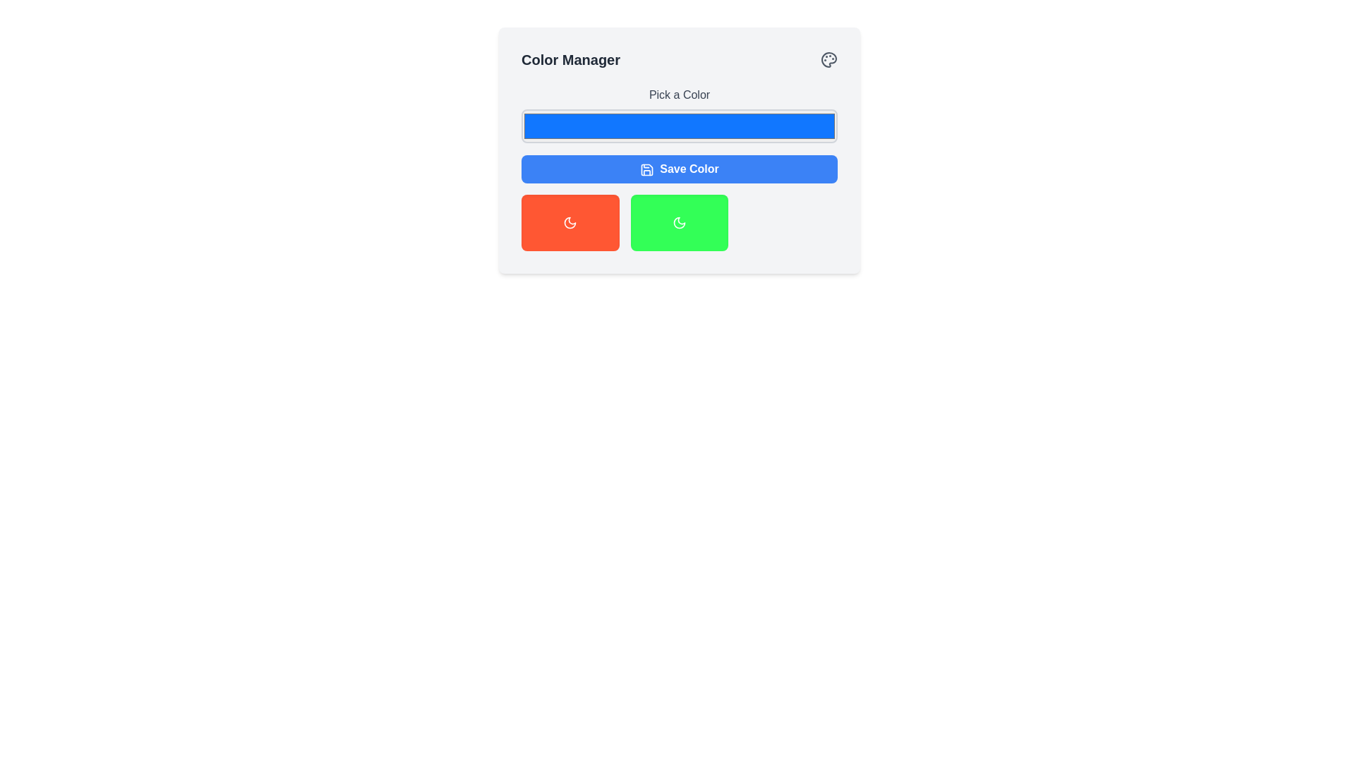 This screenshot has width=1355, height=762. Describe the element at coordinates (829, 59) in the screenshot. I see `the color management icon located in the top-right corner of the 'Color Manager' header section, adjacent to the 'Color Manager' title text` at that location.